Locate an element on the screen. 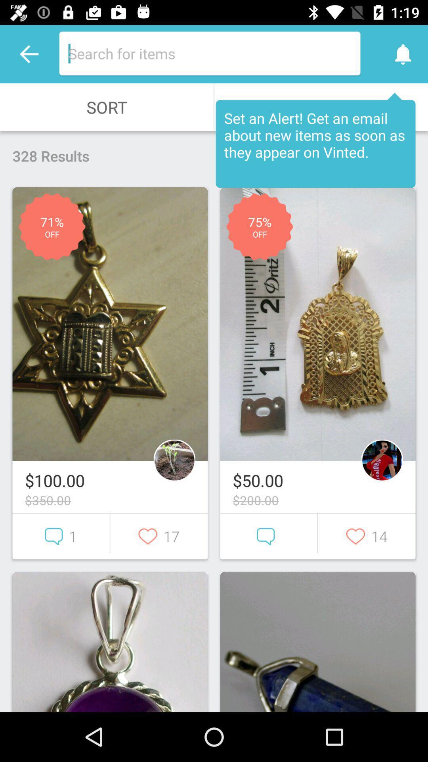  the love symbol which is to the left side of the text 17 is located at coordinates (159, 536).